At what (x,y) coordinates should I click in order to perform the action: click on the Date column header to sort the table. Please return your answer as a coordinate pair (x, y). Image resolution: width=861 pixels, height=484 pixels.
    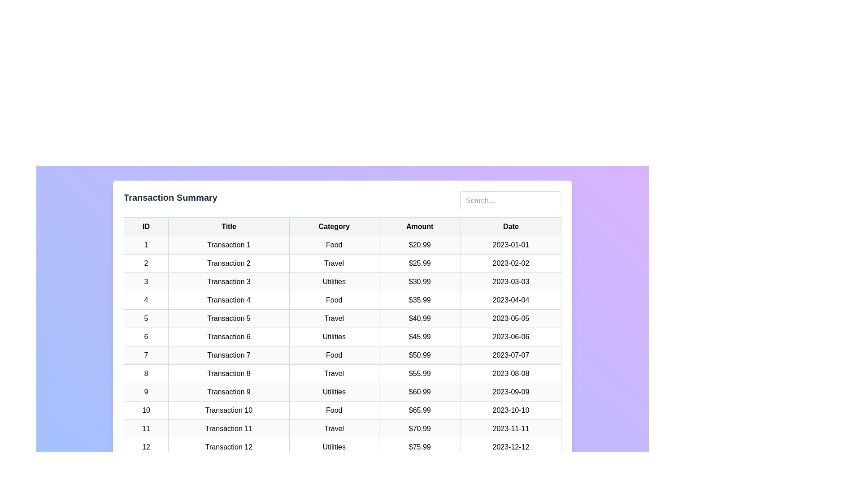
    Looking at the image, I should click on (511, 226).